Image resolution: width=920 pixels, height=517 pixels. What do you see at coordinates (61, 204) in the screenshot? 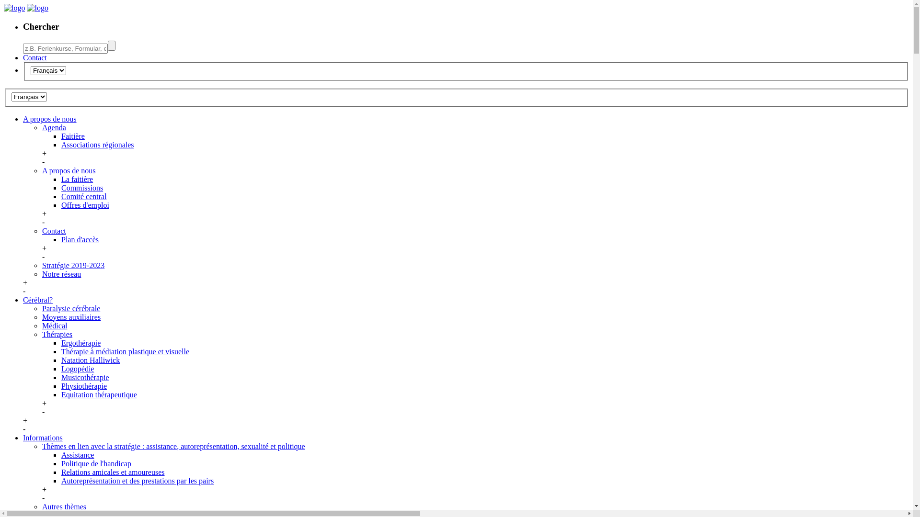
I see `'Offres d'emploi'` at bounding box center [61, 204].